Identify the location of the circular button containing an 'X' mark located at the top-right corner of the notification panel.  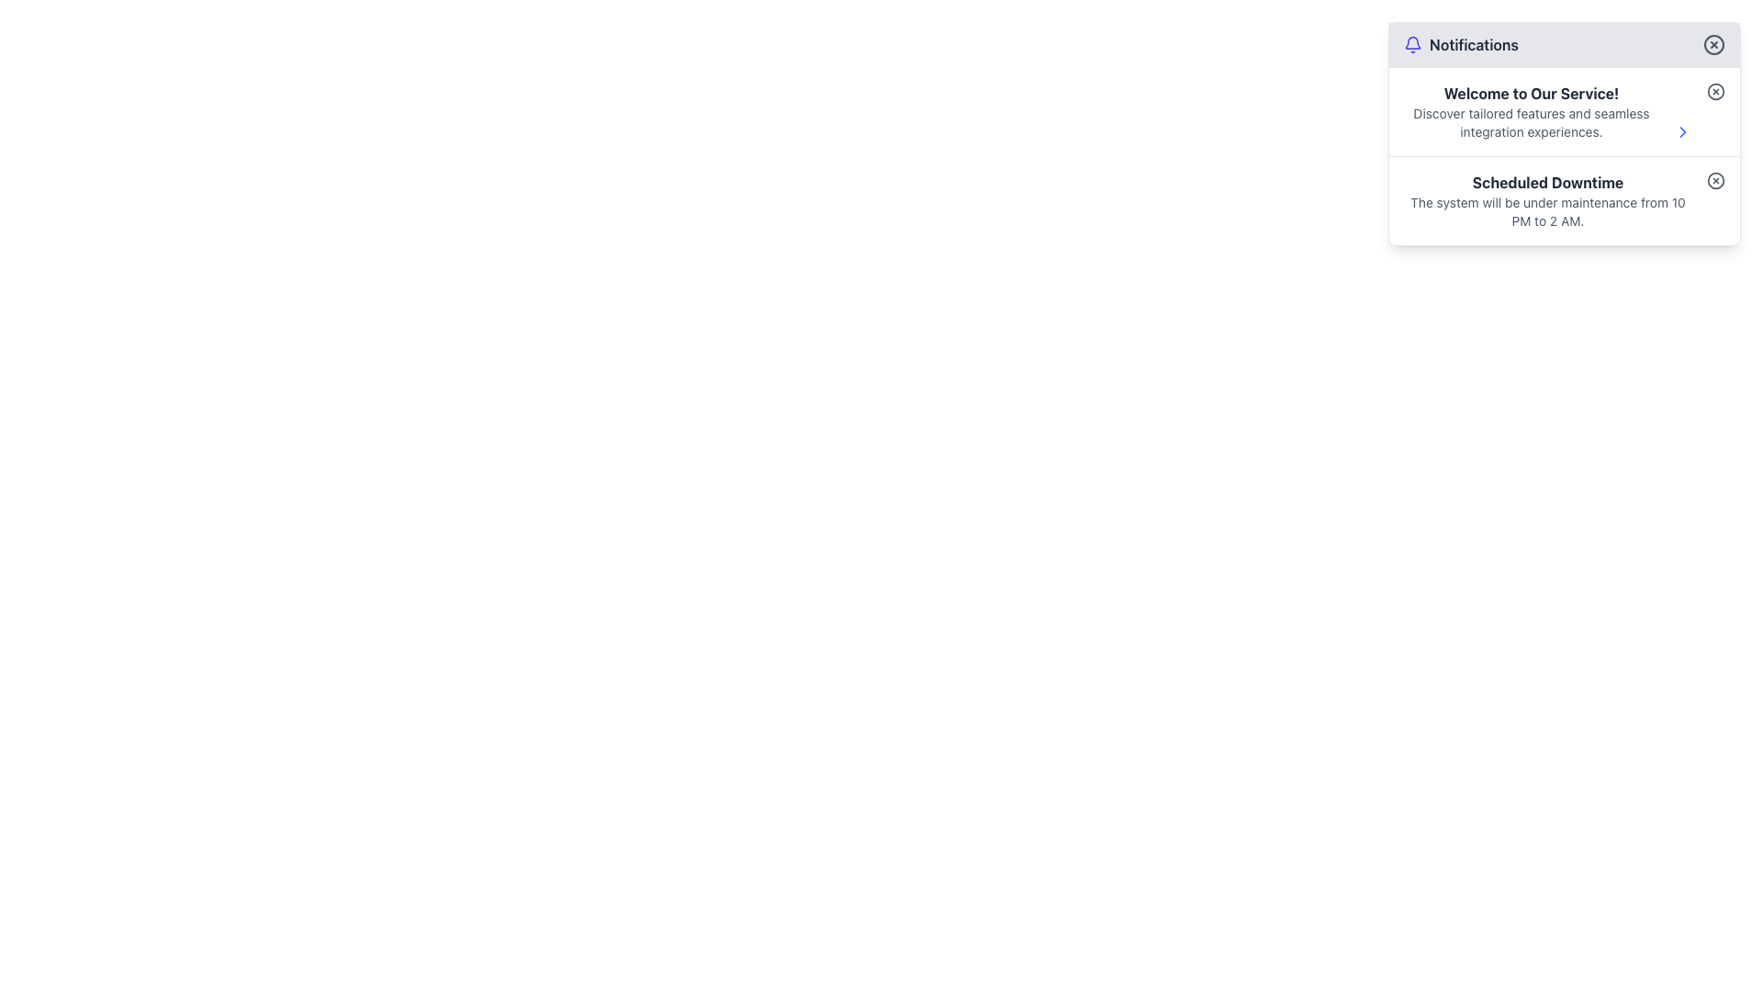
(1713, 44).